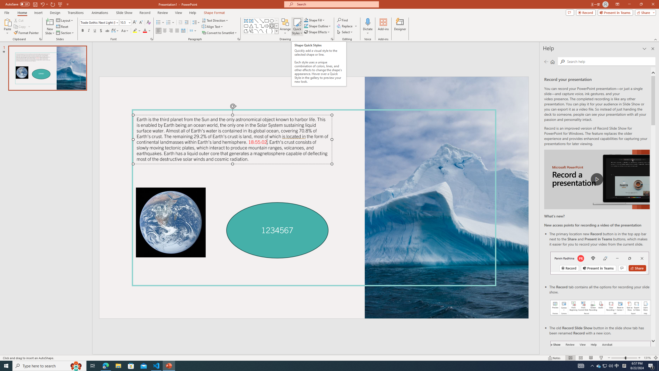 The width and height of the screenshot is (659, 371). What do you see at coordinates (187, 22) in the screenshot?
I see `'Increase Indent'` at bounding box center [187, 22].